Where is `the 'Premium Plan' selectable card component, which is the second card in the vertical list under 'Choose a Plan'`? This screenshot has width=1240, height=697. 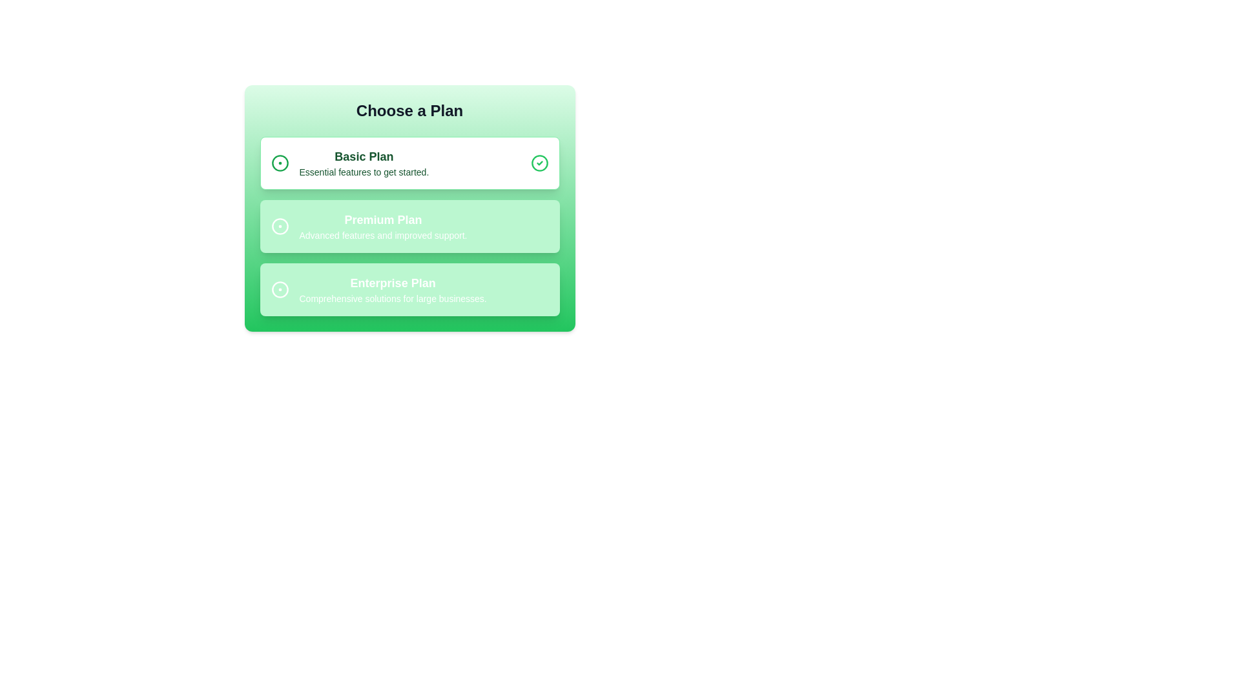 the 'Premium Plan' selectable card component, which is the second card in the vertical list under 'Choose a Plan' is located at coordinates (409, 226).